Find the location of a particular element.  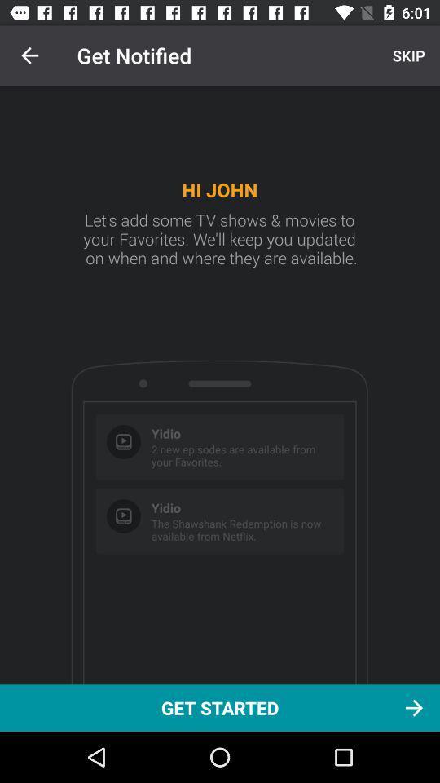

icon above get started icon is located at coordinates (406, 55).